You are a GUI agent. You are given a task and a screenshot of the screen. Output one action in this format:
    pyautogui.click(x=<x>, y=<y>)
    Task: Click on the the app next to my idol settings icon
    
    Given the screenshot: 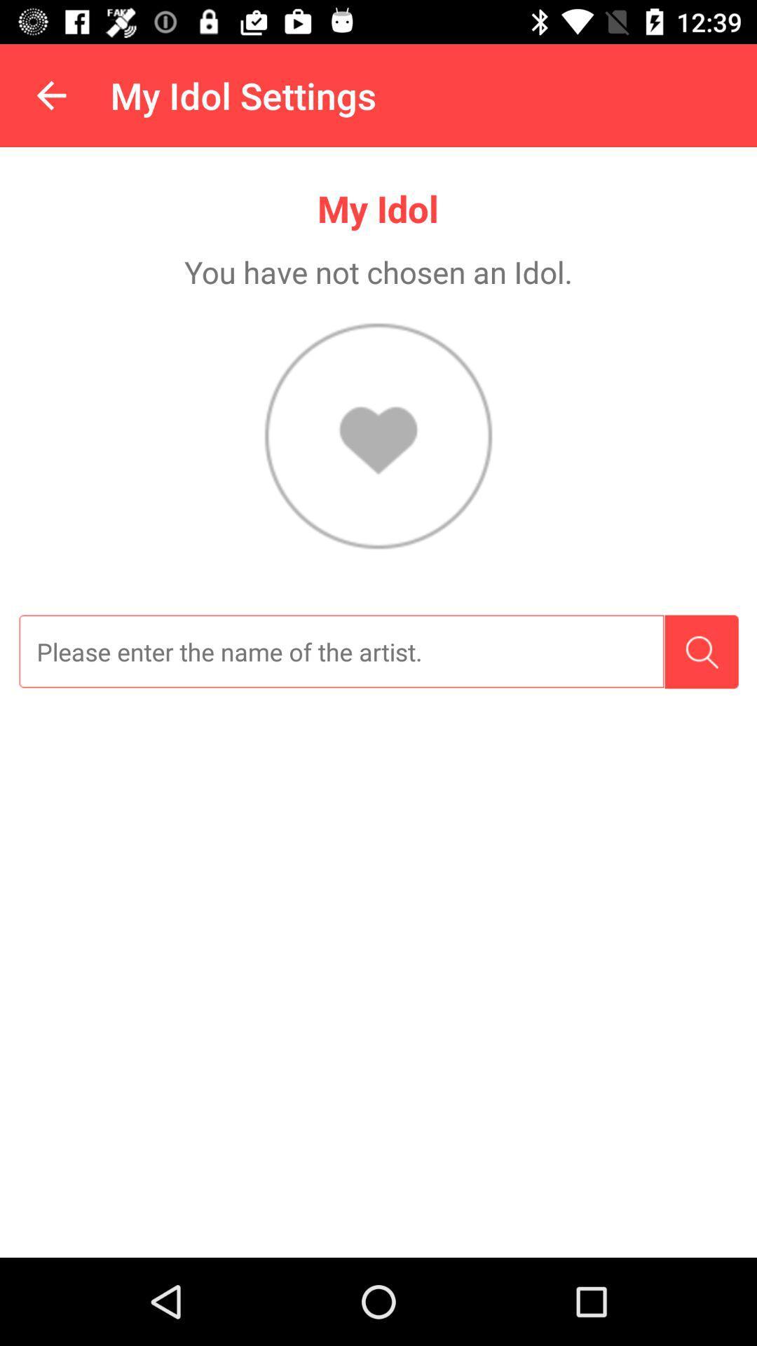 What is the action you would take?
    pyautogui.click(x=50, y=95)
    